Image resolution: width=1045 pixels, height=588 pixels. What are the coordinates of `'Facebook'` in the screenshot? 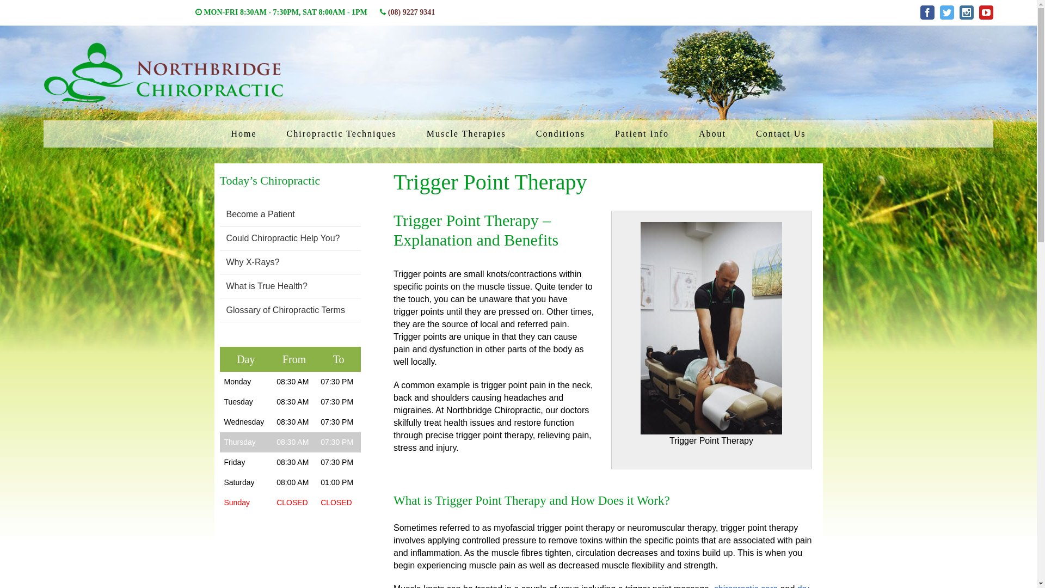 It's located at (919, 13).